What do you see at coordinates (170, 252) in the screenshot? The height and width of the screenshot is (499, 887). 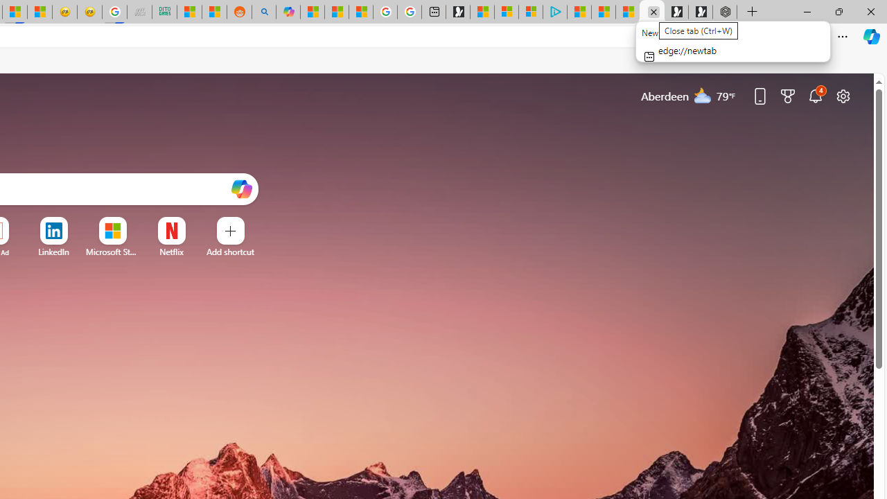 I see `'Netflix'` at bounding box center [170, 252].